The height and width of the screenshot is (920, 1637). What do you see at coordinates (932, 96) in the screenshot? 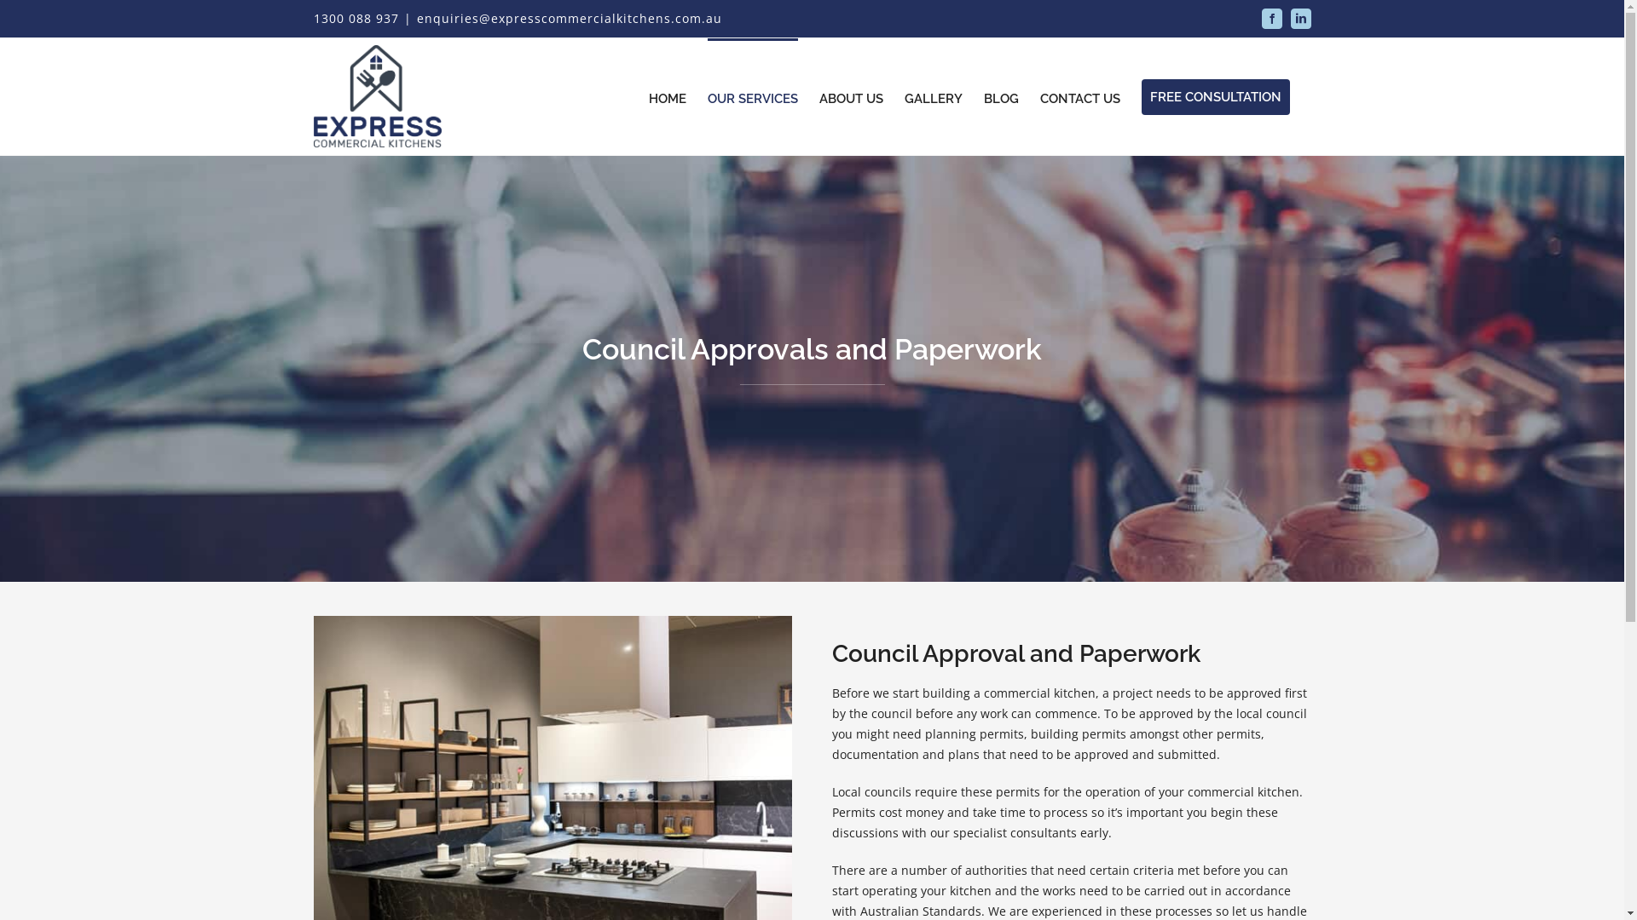
I see `'GALLERY'` at bounding box center [932, 96].